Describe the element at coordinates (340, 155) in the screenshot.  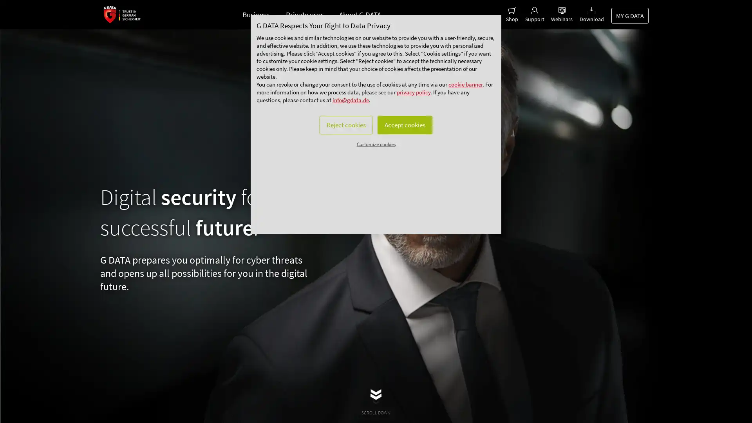
I see `Reject cookies` at that location.